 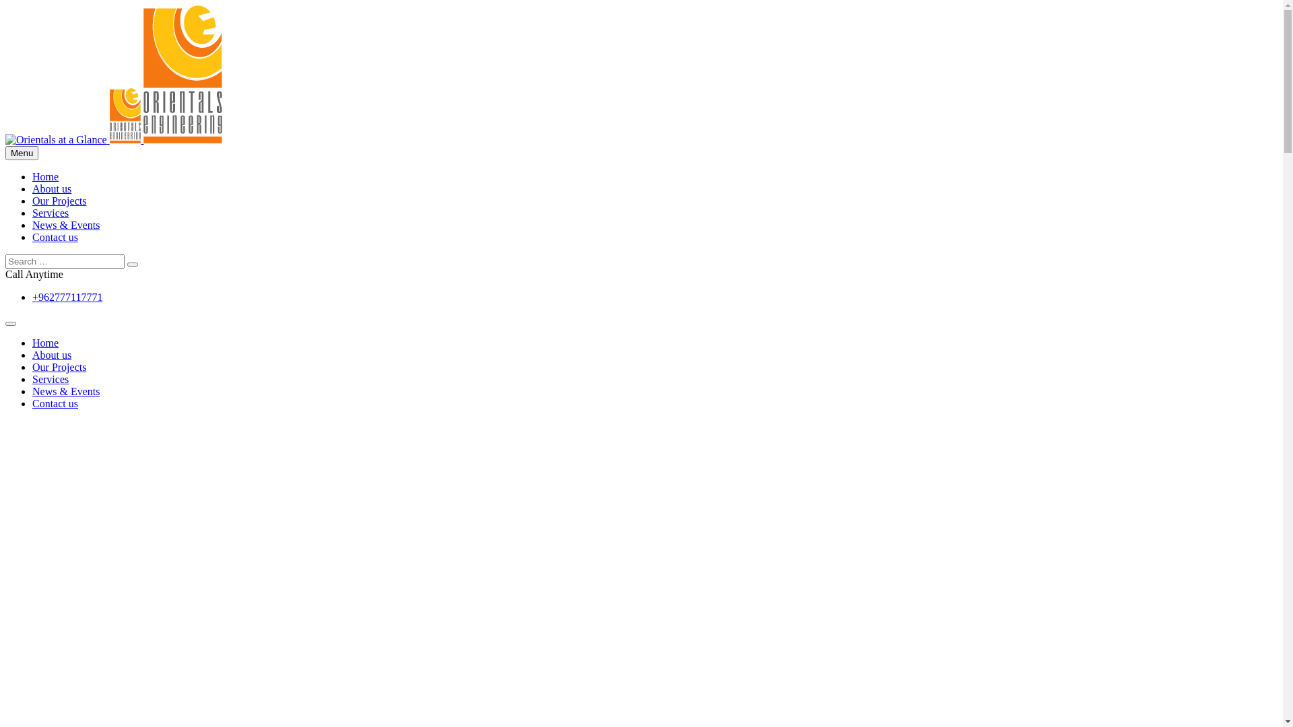 I want to click on 'News & Events', so click(x=65, y=224).